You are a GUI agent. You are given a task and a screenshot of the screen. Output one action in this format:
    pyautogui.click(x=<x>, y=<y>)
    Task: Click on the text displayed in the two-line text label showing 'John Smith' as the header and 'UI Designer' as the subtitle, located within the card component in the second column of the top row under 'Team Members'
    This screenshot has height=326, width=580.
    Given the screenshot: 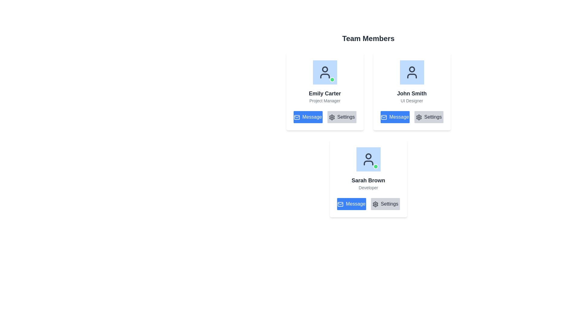 What is the action you would take?
    pyautogui.click(x=411, y=96)
    